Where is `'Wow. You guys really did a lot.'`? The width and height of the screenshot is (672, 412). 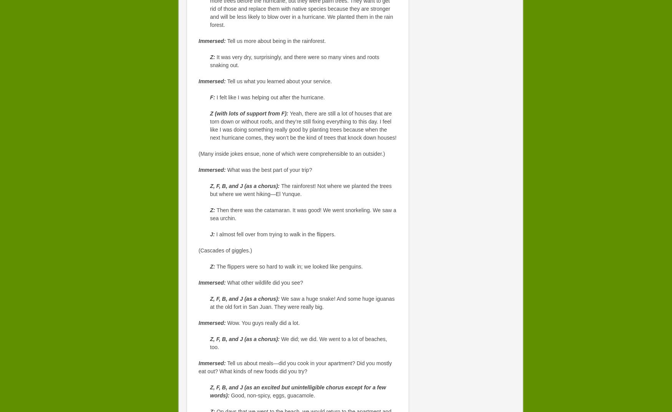 'Wow. You guys really did a lot.' is located at coordinates (263, 323).